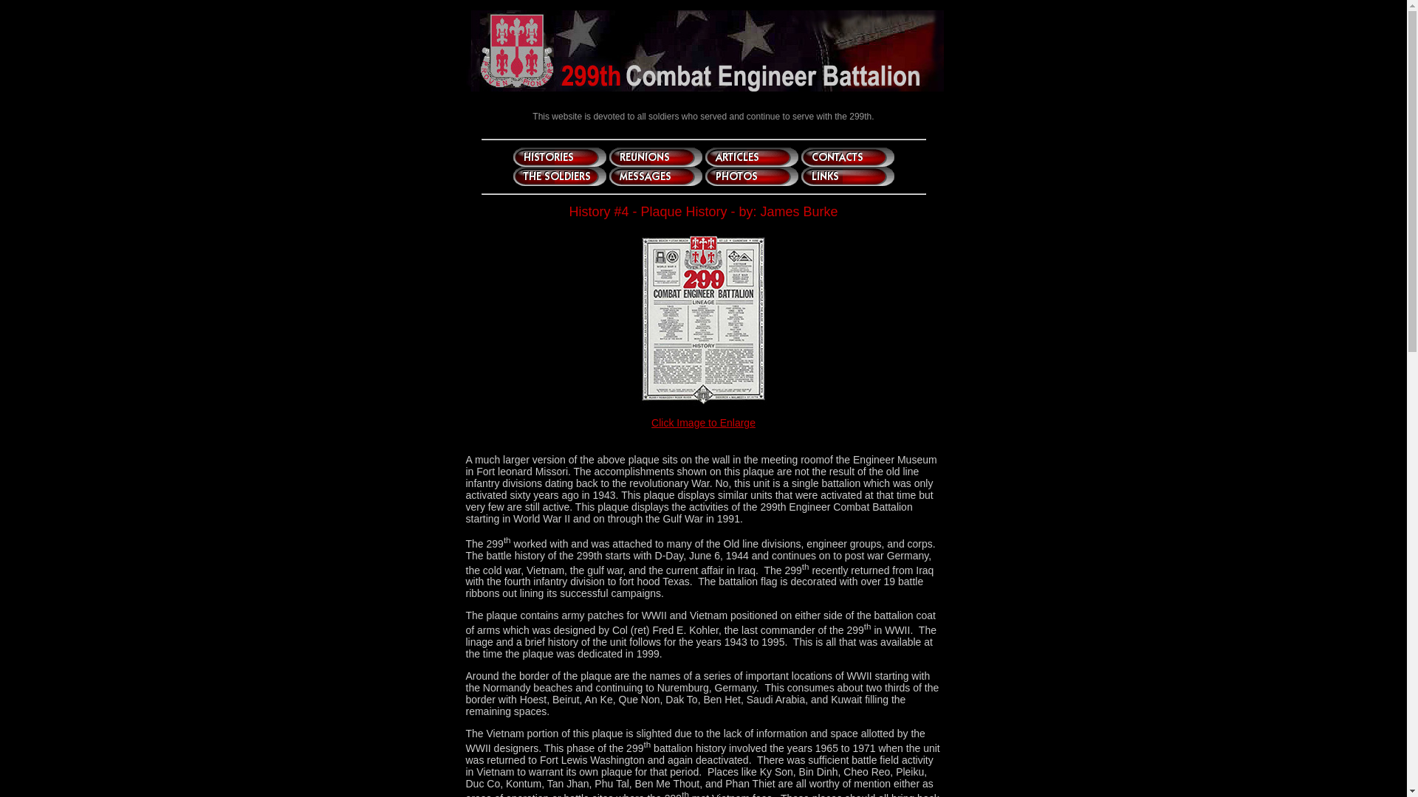  Describe the element at coordinates (702, 423) in the screenshot. I see `'Click Image to Enlarge'` at that location.